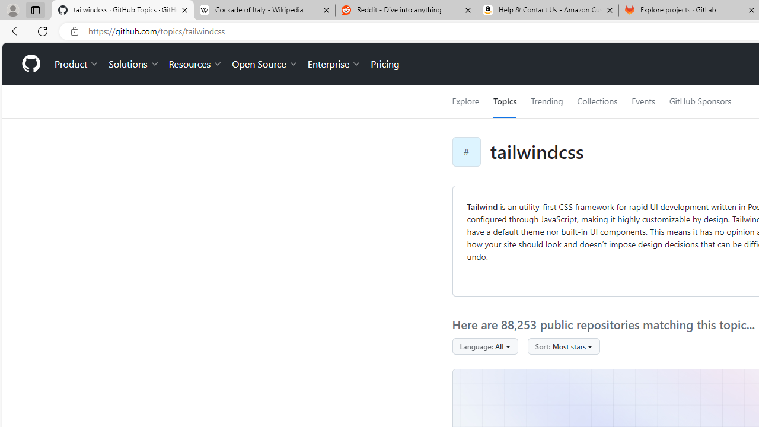  Describe the element at coordinates (263, 10) in the screenshot. I see `'Cockade of Italy - Wikipedia'` at that location.